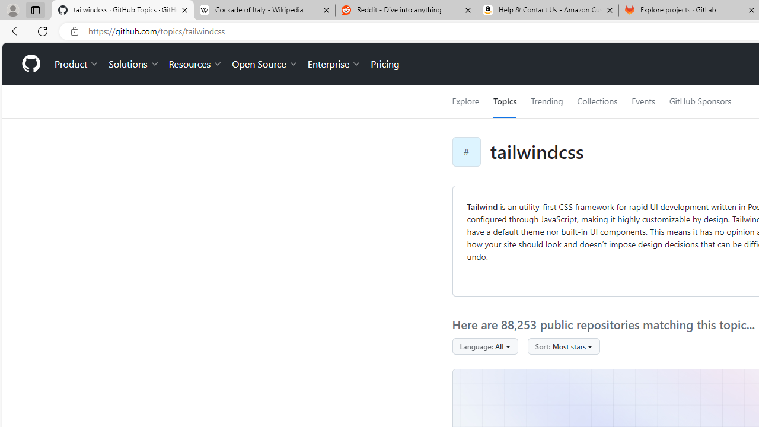  Describe the element at coordinates (263, 10) in the screenshot. I see `'Cockade of Italy - Wikipedia'` at that location.